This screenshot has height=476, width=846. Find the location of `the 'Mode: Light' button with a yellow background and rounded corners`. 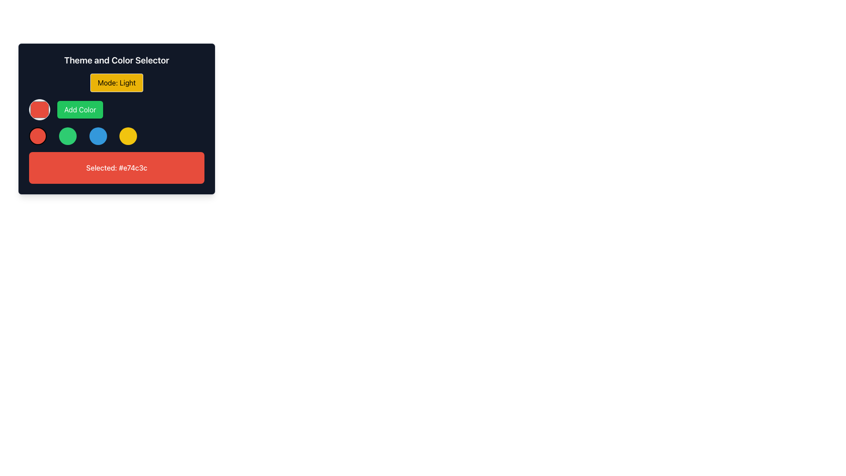

the 'Mode: Light' button with a yellow background and rounded corners is located at coordinates (116, 83).